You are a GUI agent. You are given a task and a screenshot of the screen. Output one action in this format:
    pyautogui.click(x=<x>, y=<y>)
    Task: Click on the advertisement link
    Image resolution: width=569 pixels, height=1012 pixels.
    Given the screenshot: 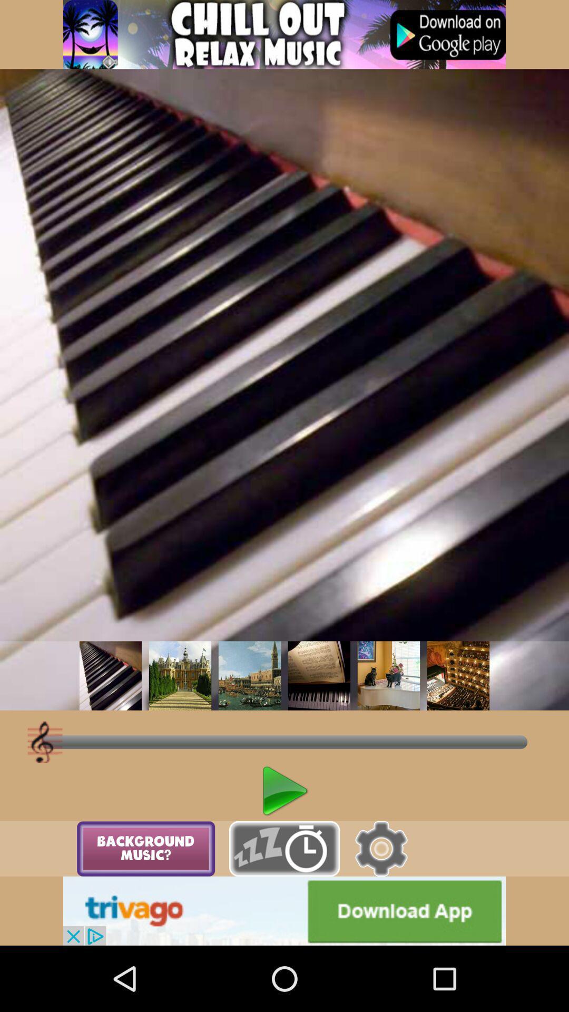 What is the action you would take?
    pyautogui.click(x=284, y=910)
    